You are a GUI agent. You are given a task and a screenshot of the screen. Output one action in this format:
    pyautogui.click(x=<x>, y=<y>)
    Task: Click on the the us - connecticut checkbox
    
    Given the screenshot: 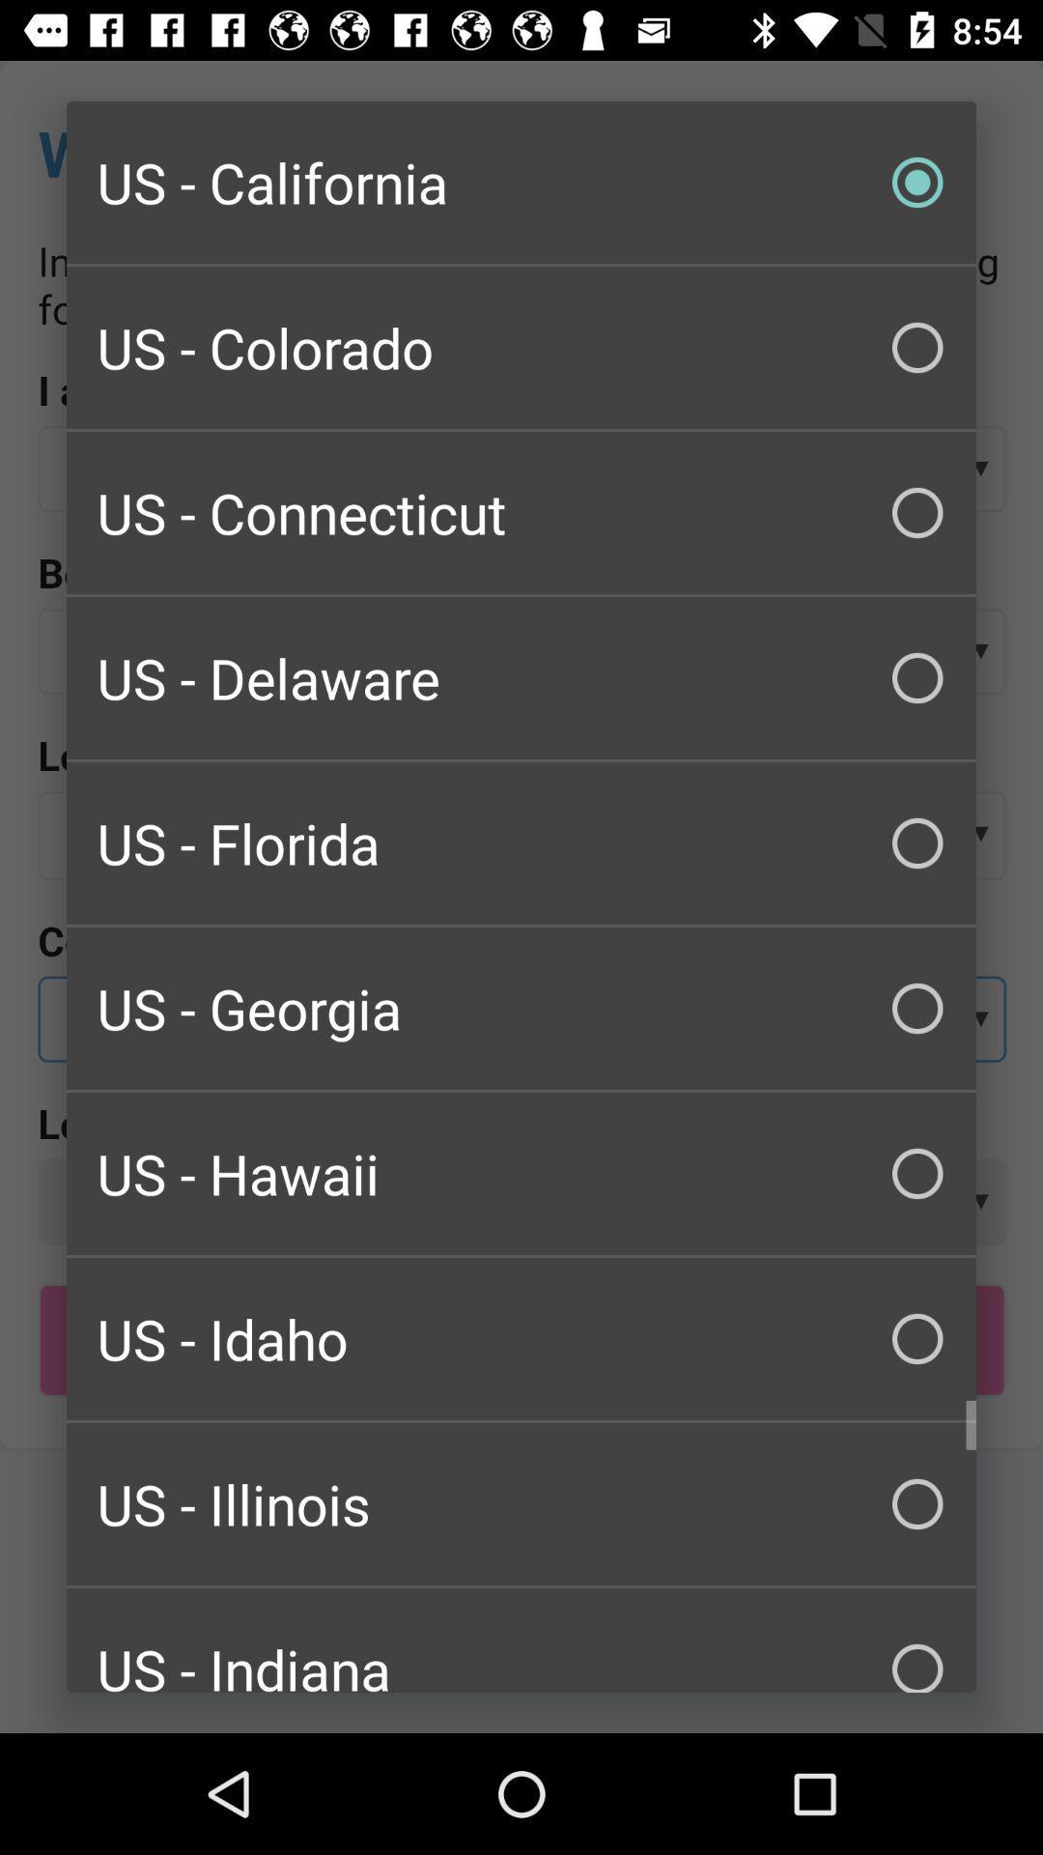 What is the action you would take?
    pyautogui.click(x=521, y=513)
    